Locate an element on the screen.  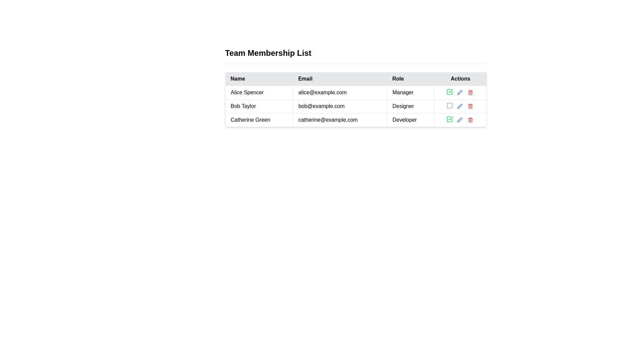
the edit button in the 'Actions' column for the entry corresponding to 'Bob Taylor', indicated by the pen icon is located at coordinates (460, 106).